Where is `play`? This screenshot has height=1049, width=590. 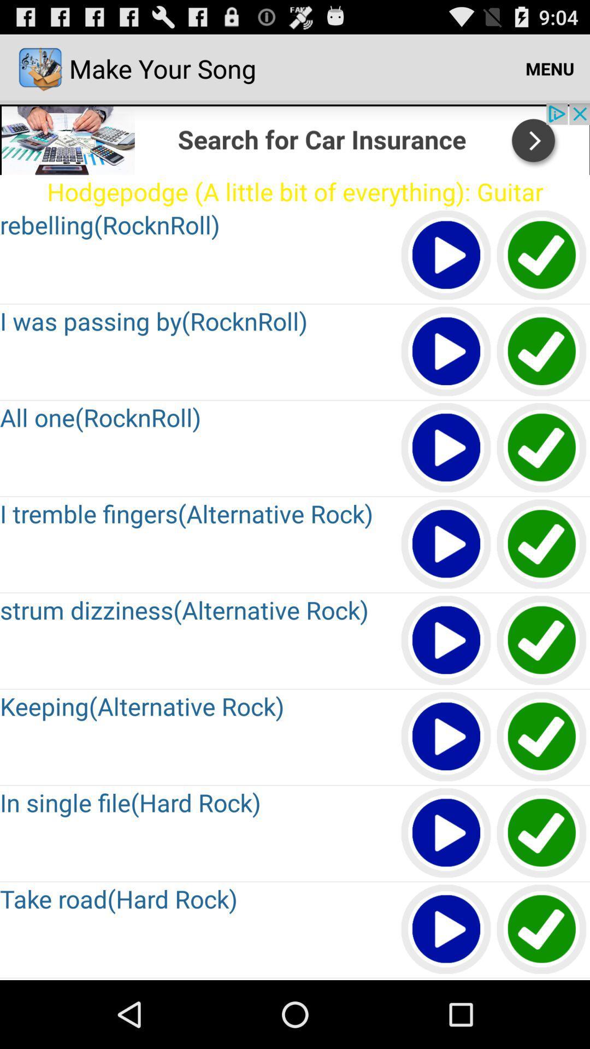
play is located at coordinates (446, 255).